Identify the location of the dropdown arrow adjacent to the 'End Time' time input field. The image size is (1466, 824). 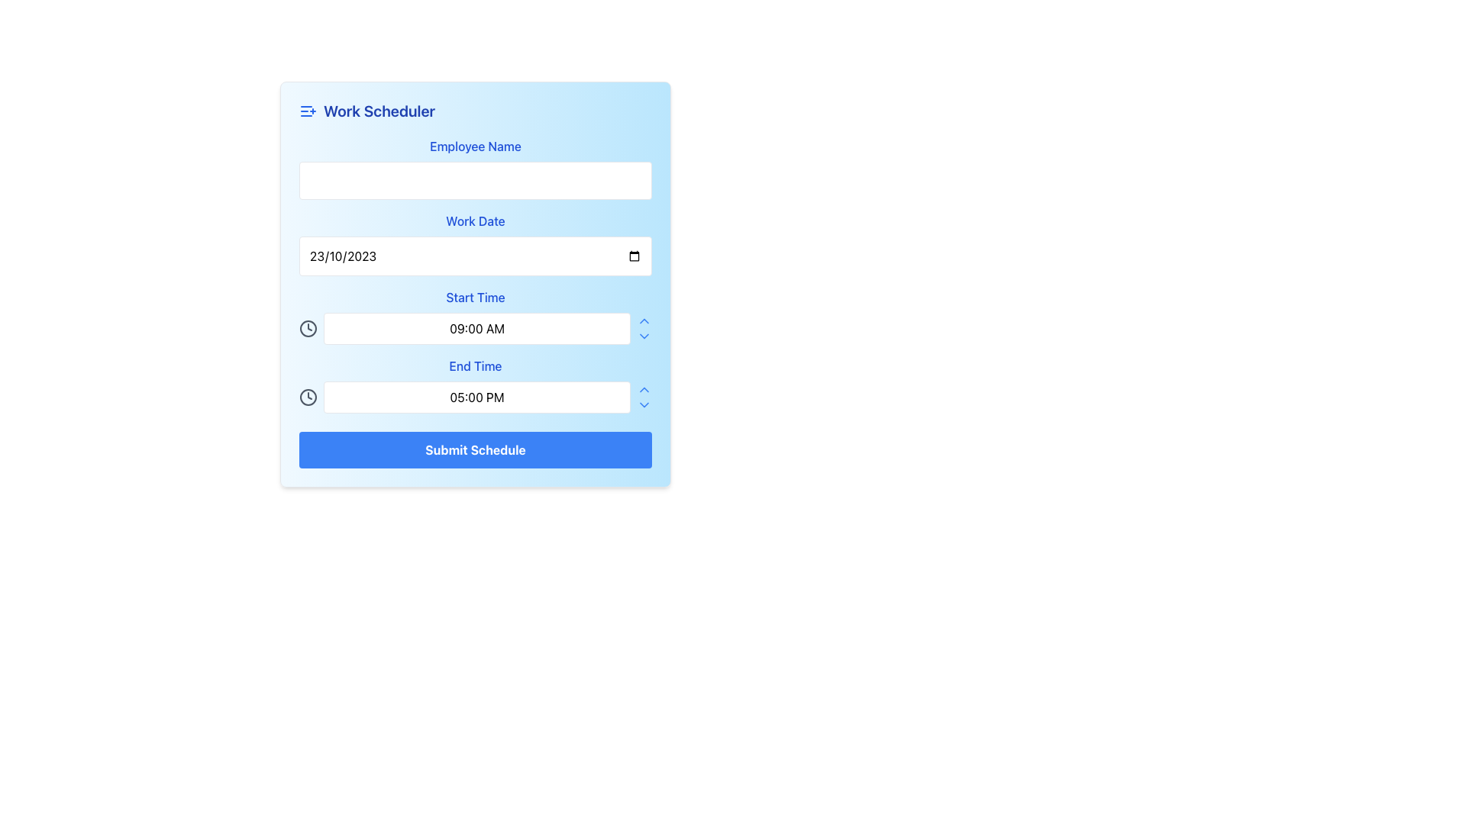
(475, 385).